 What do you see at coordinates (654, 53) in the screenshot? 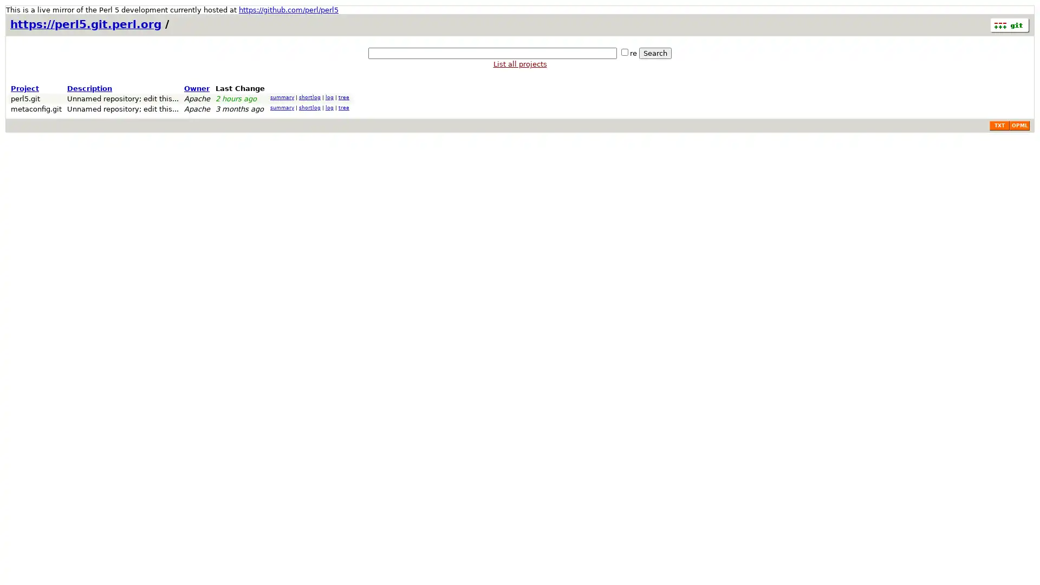
I see `Search` at bounding box center [654, 53].